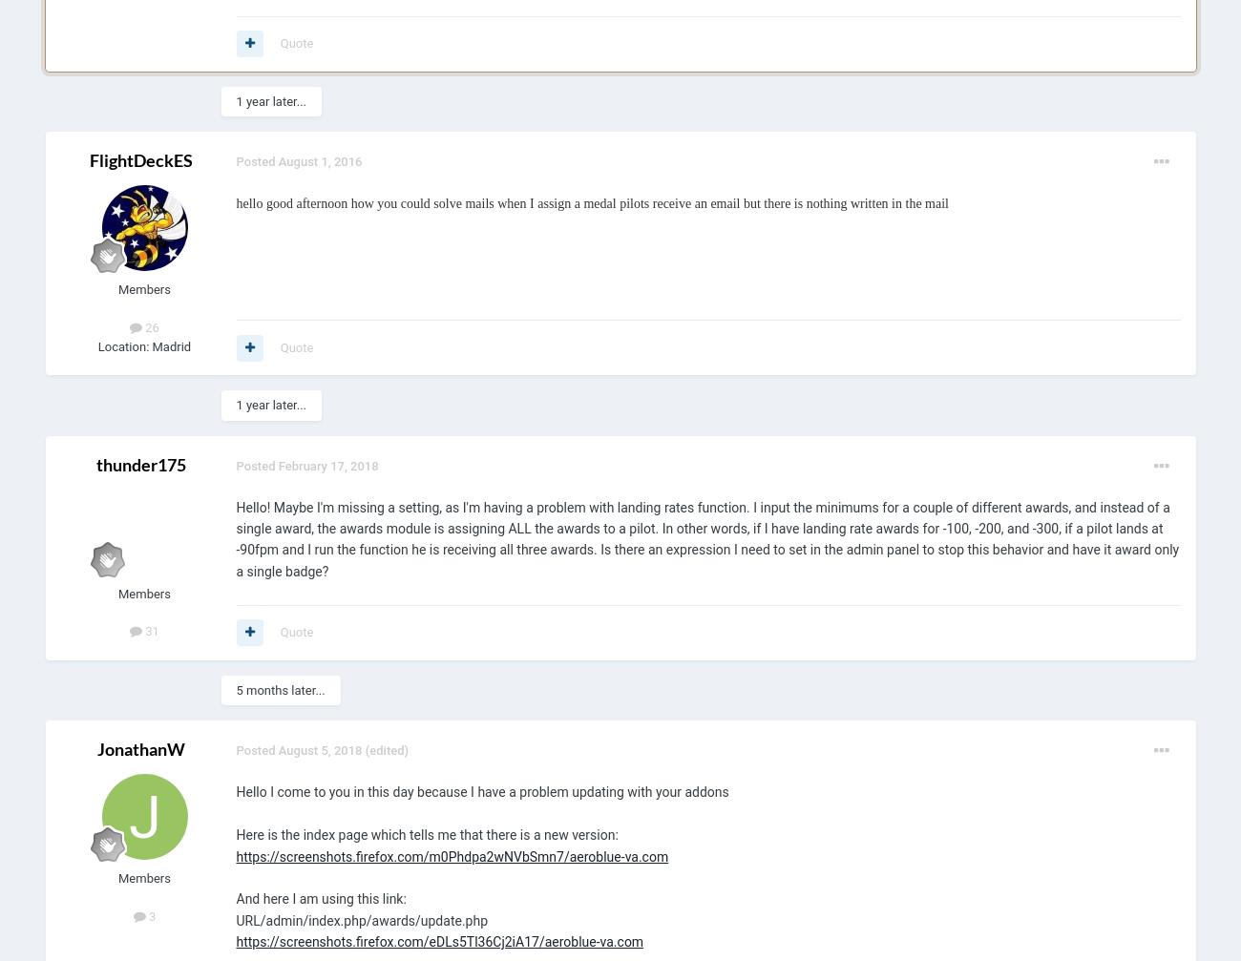  I want to click on 'thunder175', so click(95, 463).